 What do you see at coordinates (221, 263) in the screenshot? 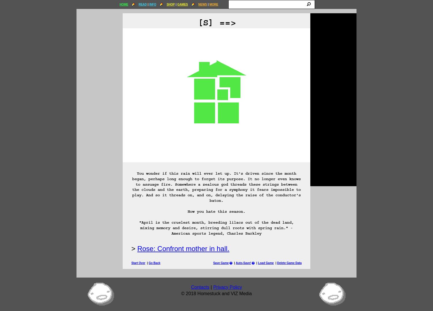
I see `'Save Game'` at bounding box center [221, 263].